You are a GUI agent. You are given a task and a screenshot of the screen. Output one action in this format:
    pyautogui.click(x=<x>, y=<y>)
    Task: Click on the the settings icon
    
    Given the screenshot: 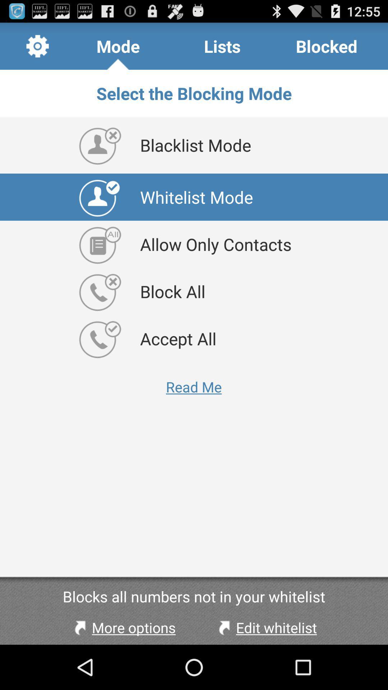 What is the action you would take?
    pyautogui.click(x=37, y=49)
    